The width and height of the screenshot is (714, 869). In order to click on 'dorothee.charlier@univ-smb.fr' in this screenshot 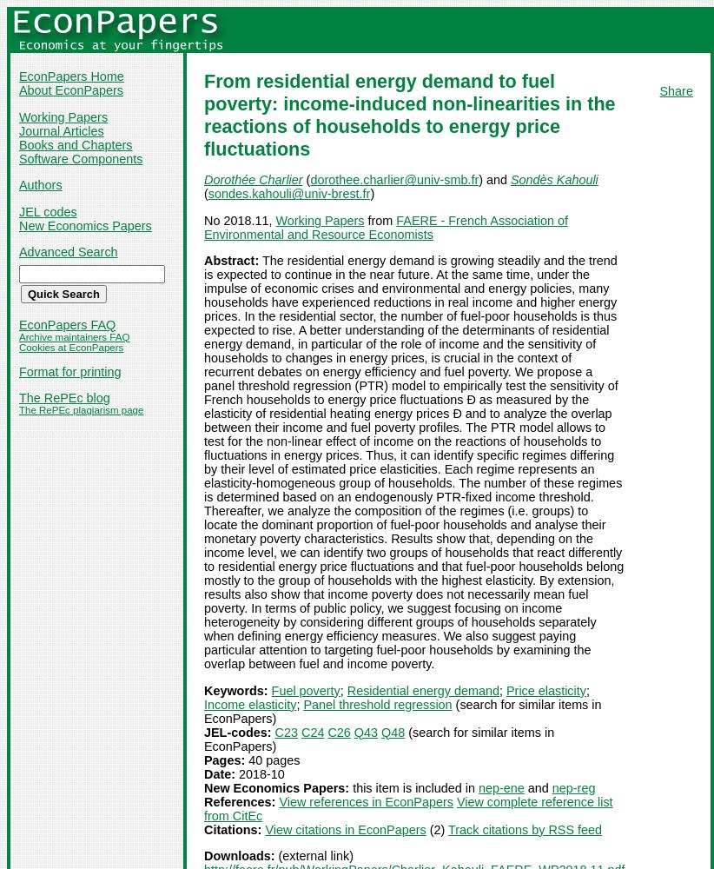, I will do `click(308, 179)`.